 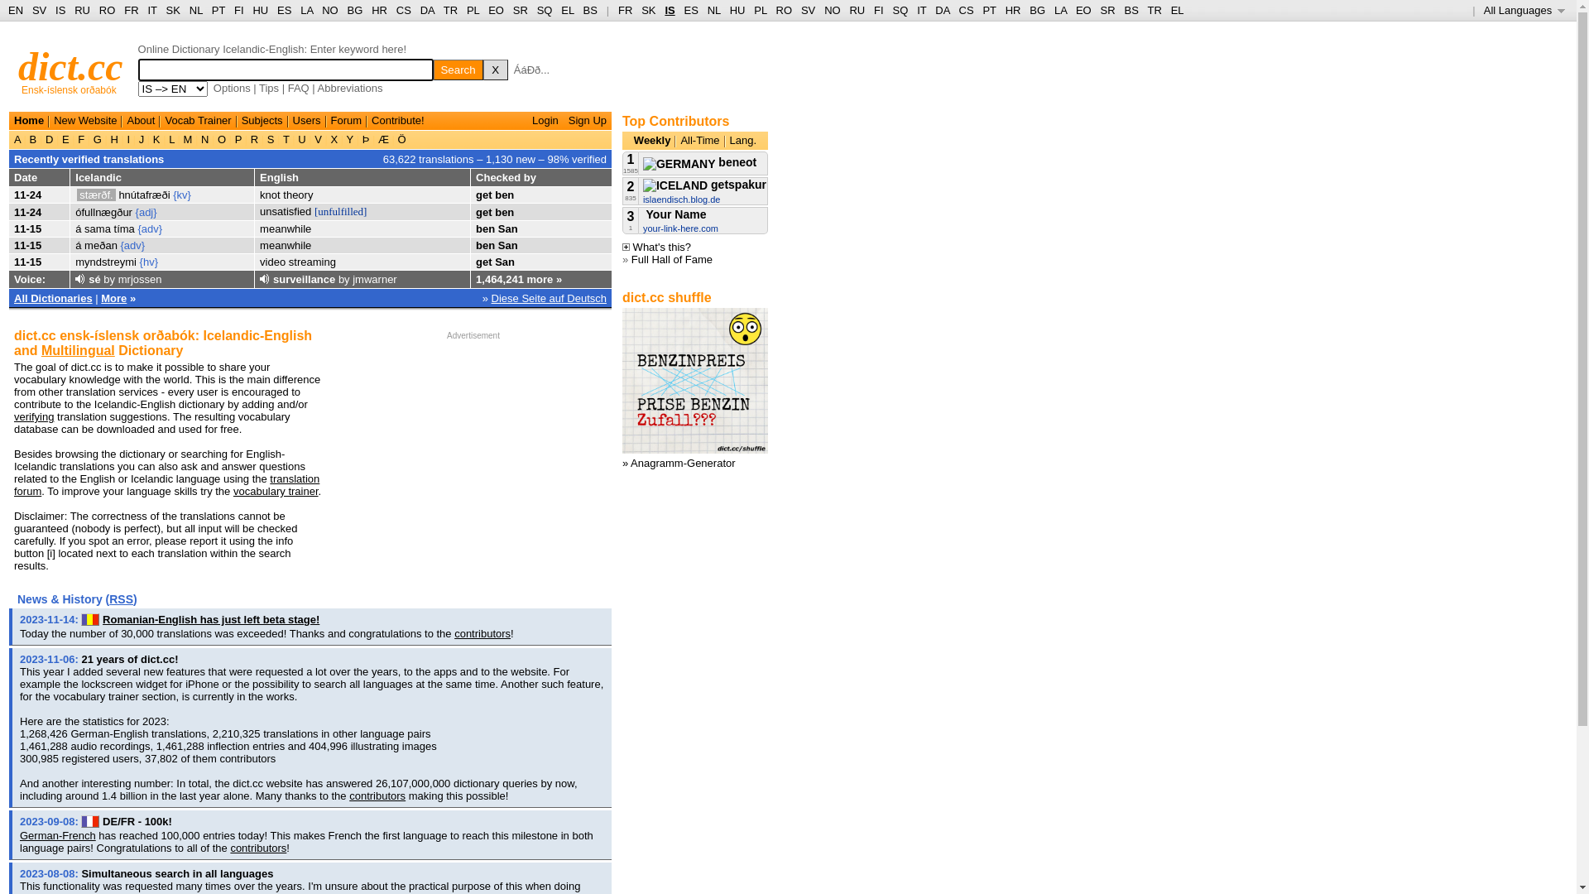 What do you see at coordinates (347, 10) in the screenshot?
I see `'BG'` at bounding box center [347, 10].